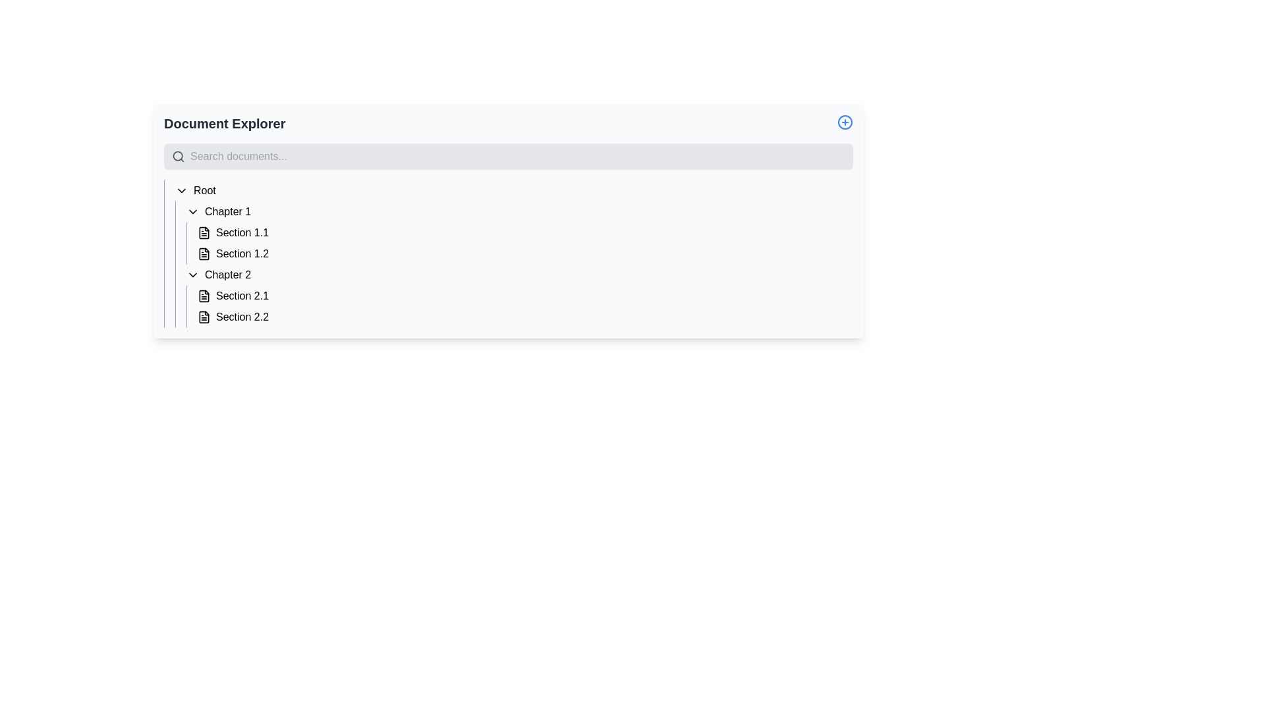 This screenshot has width=1265, height=711. Describe the element at coordinates (204, 296) in the screenshot. I see `the graphical icon representing a document or file next to the entry 'Section 2.1' under 'Chapter 2'` at that location.